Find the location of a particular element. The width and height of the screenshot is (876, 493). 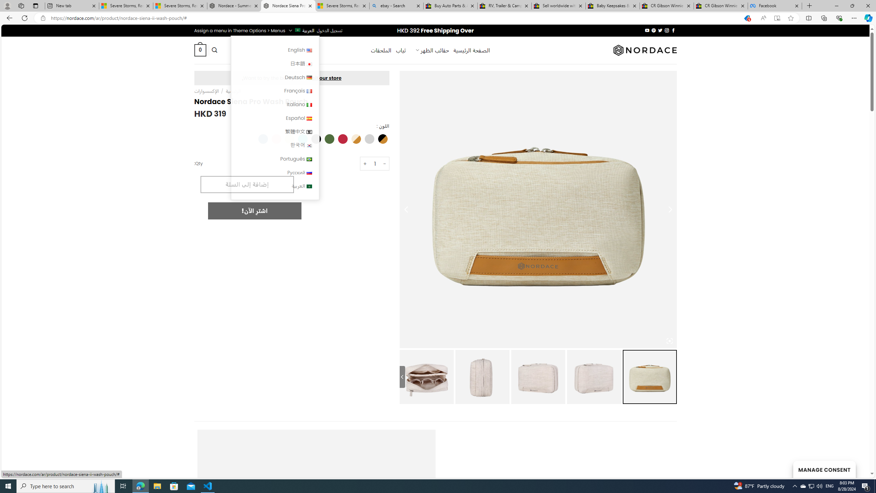

'Copilot (Ctrl+Shift+.)' is located at coordinates (867, 17).